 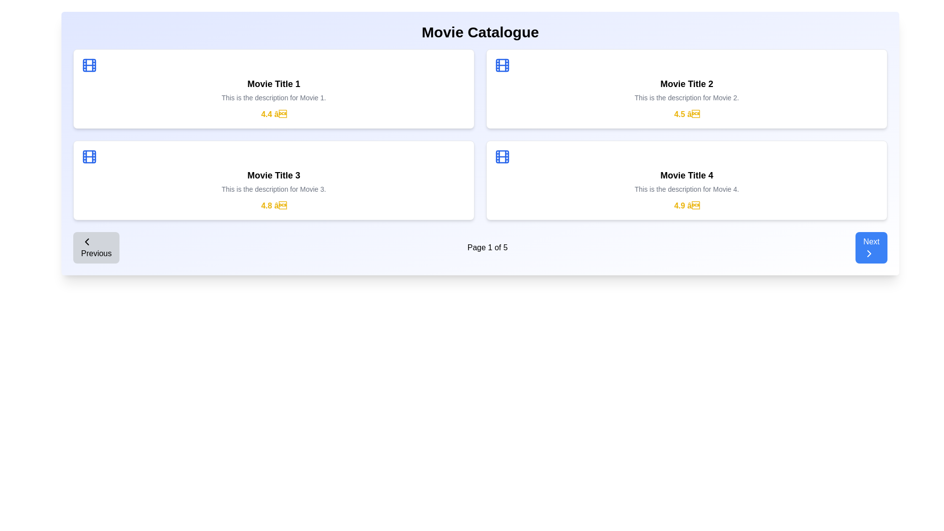 I want to click on the text element with an icon that visually represents the user rating for 'Movie Title 2', located below the movie description, so click(x=686, y=114).